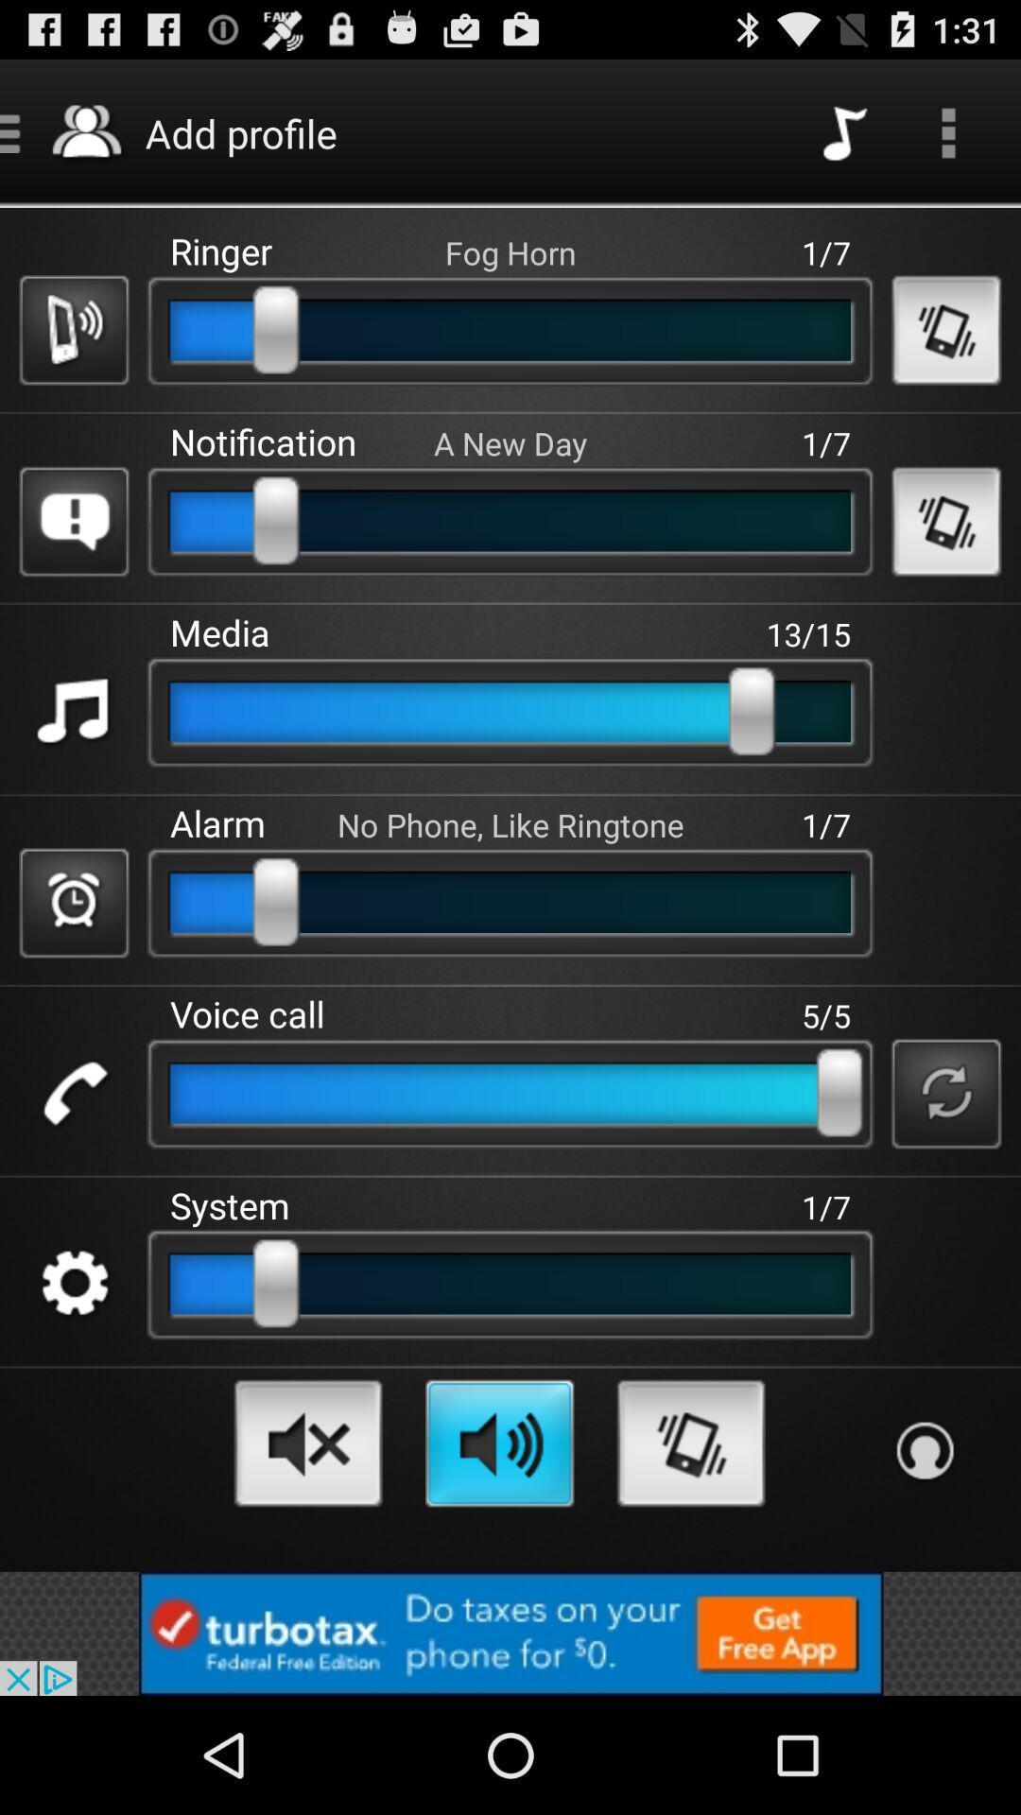  Describe the element at coordinates (307, 1442) in the screenshot. I see `sound decrease` at that location.